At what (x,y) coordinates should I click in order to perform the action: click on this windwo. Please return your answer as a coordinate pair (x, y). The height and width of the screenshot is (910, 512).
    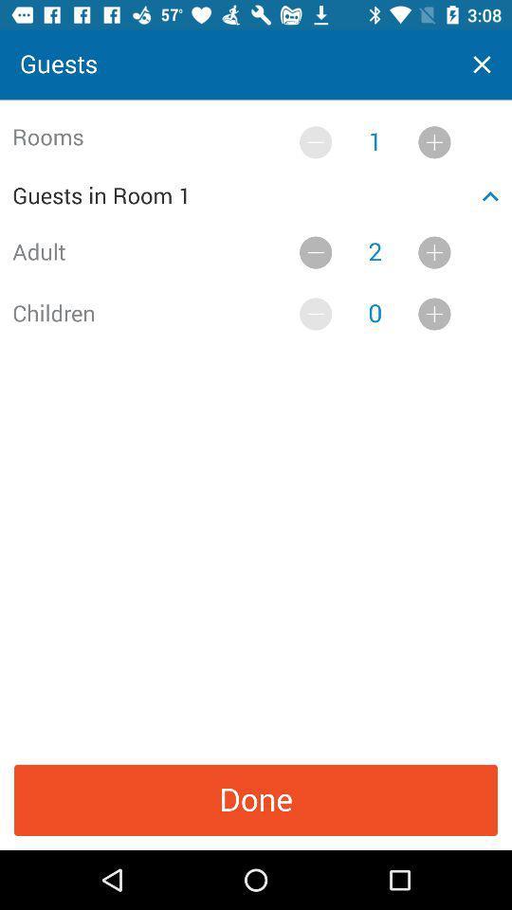
    Looking at the image, I should click on (482, 64).